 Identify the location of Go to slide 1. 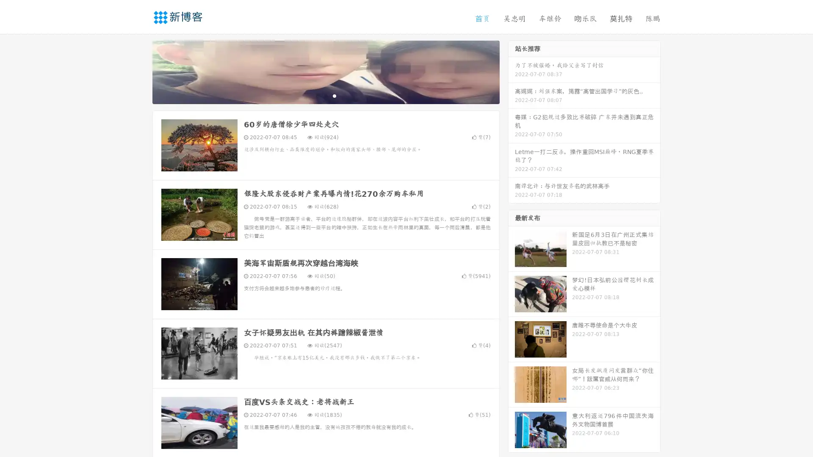
(317, 95).